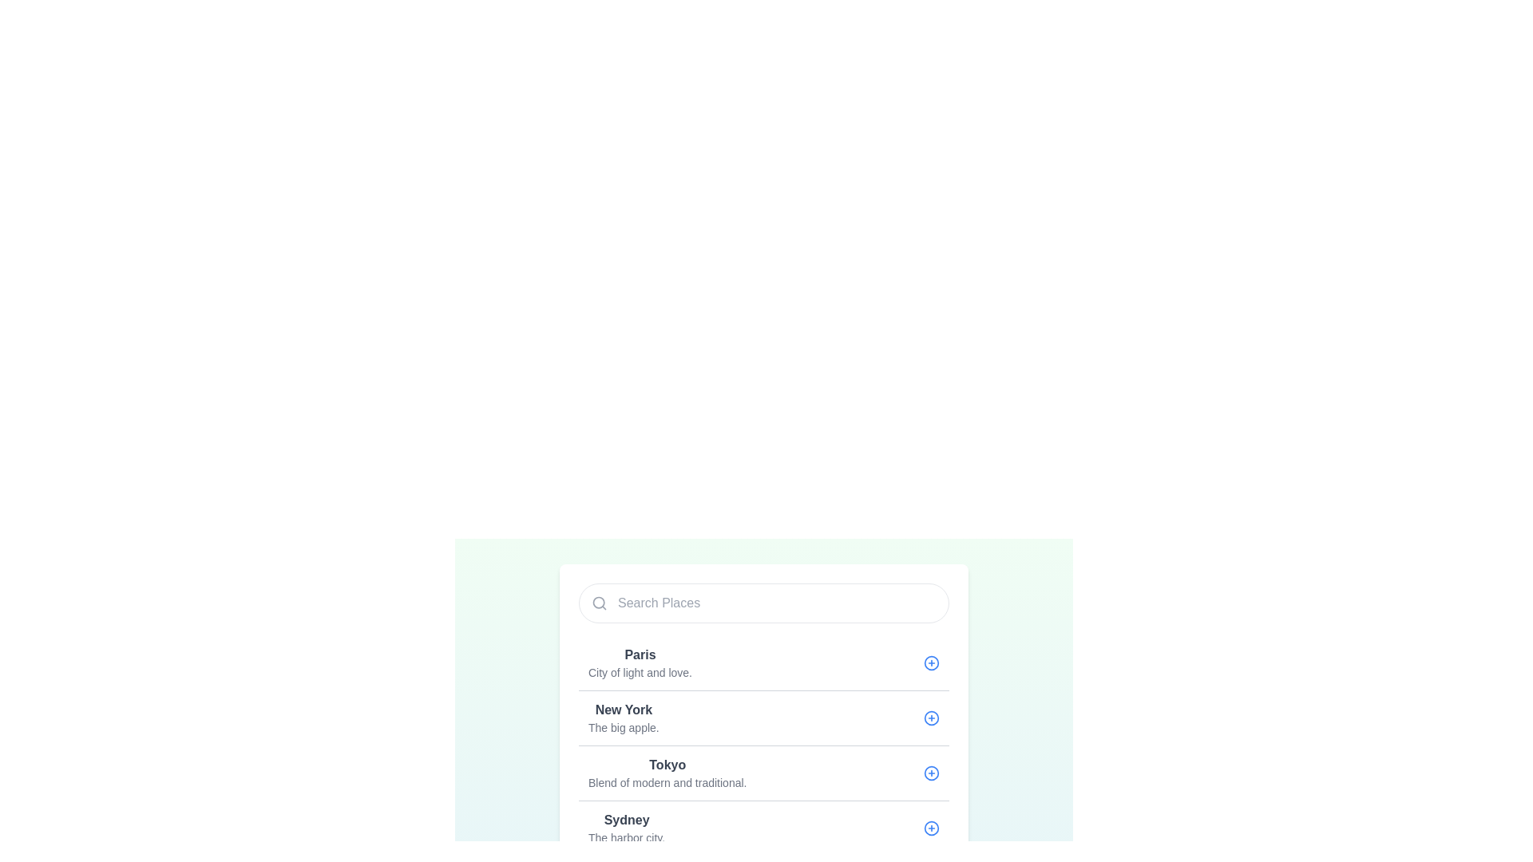 The image size is (1533, 862). What do you see at coordinates (931, 662) in the screenshot?
I see `the interactive button located to the right of the text block 'Paris' to initiate an action` at bounding box center [931, 662].